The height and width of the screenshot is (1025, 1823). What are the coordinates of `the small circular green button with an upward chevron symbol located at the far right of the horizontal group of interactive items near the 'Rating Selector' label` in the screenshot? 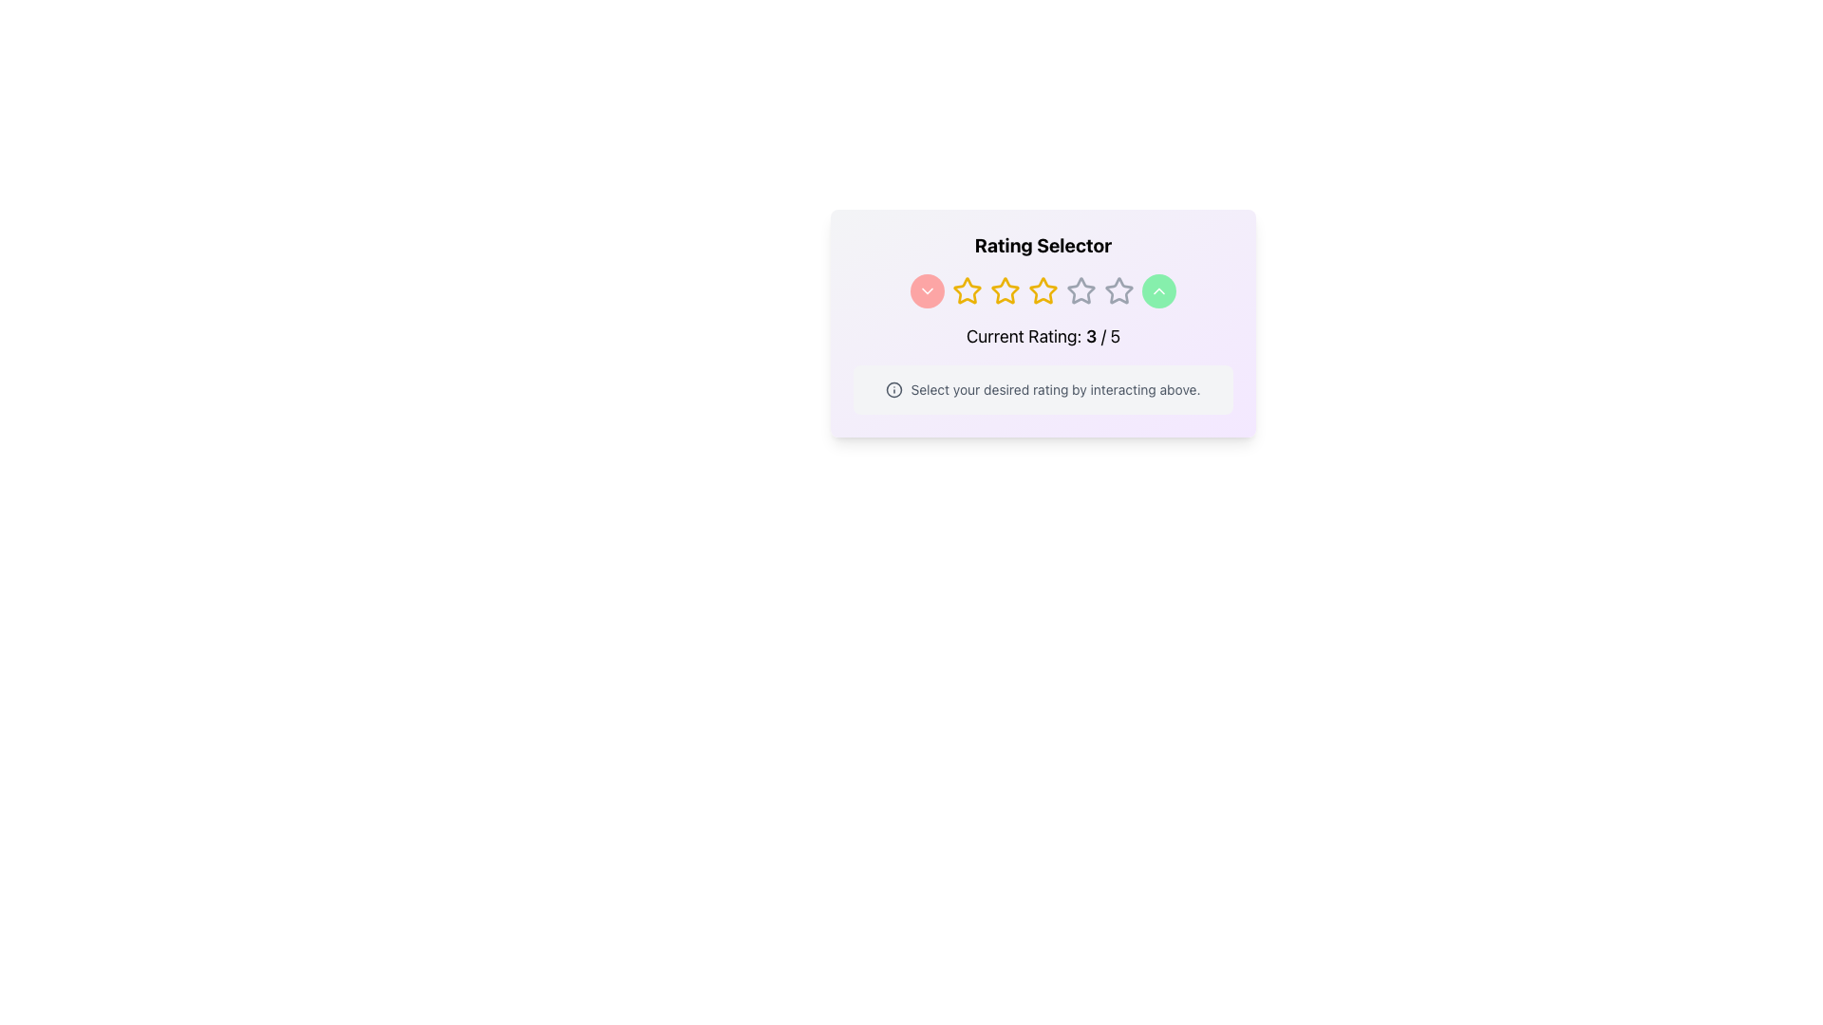 It's located at (1157, 291).